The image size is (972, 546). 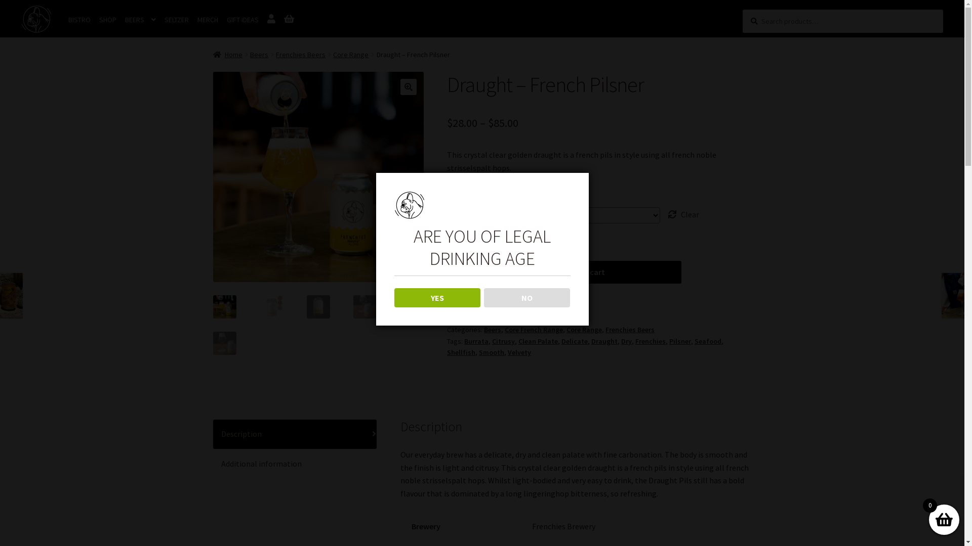 What do you see at coordinates (683, 214) in the screenshot?
I see `'Clear'` at bounding box center [683, 214].